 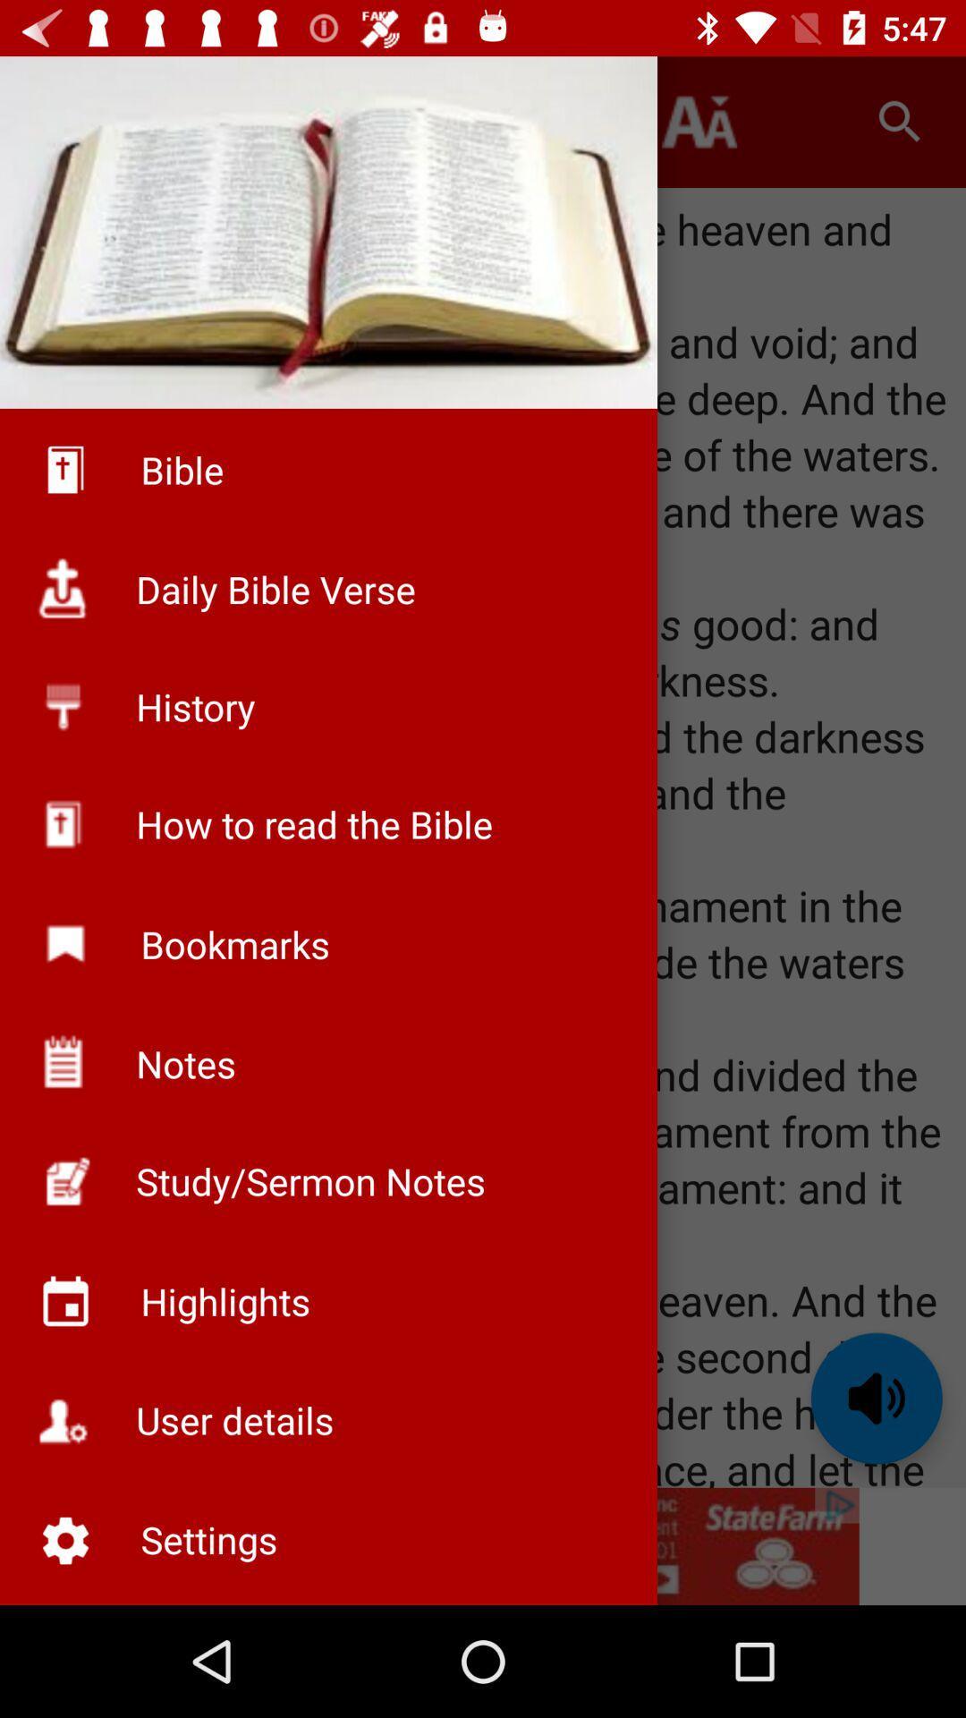 What do you see at coordinates (876, 1398) in the screenshot?
I see `the volume icon` at bounding box center [876, 1398].